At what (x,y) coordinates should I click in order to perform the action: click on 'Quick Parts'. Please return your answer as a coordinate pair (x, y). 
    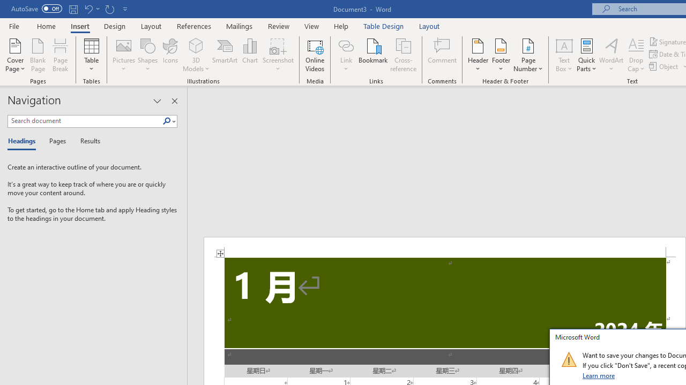
    Looking at the image, I should click on (586, 55).